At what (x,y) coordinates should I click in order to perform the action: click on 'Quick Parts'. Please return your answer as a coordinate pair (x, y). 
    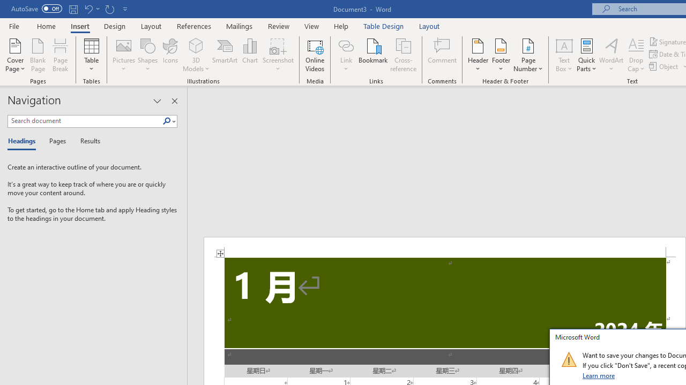
    Looking at the image, I should click on (586, 55).